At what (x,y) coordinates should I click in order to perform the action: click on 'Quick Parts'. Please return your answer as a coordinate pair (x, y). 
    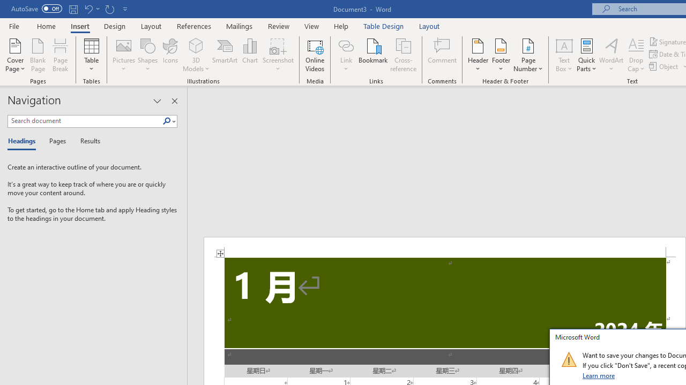
    Looking at the image, I should click on (586, 55).